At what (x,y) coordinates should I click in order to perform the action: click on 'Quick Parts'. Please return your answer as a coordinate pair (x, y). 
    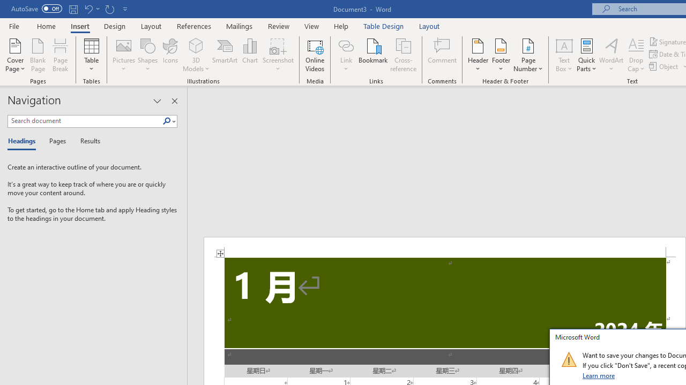
    Looking at the image, I should click on (586, 55).